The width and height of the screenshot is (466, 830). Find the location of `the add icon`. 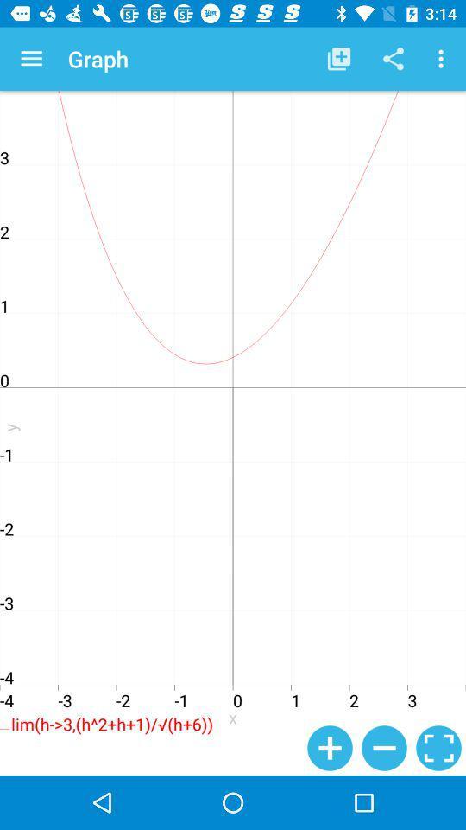

the add icon is located at coordinates (330, 747).